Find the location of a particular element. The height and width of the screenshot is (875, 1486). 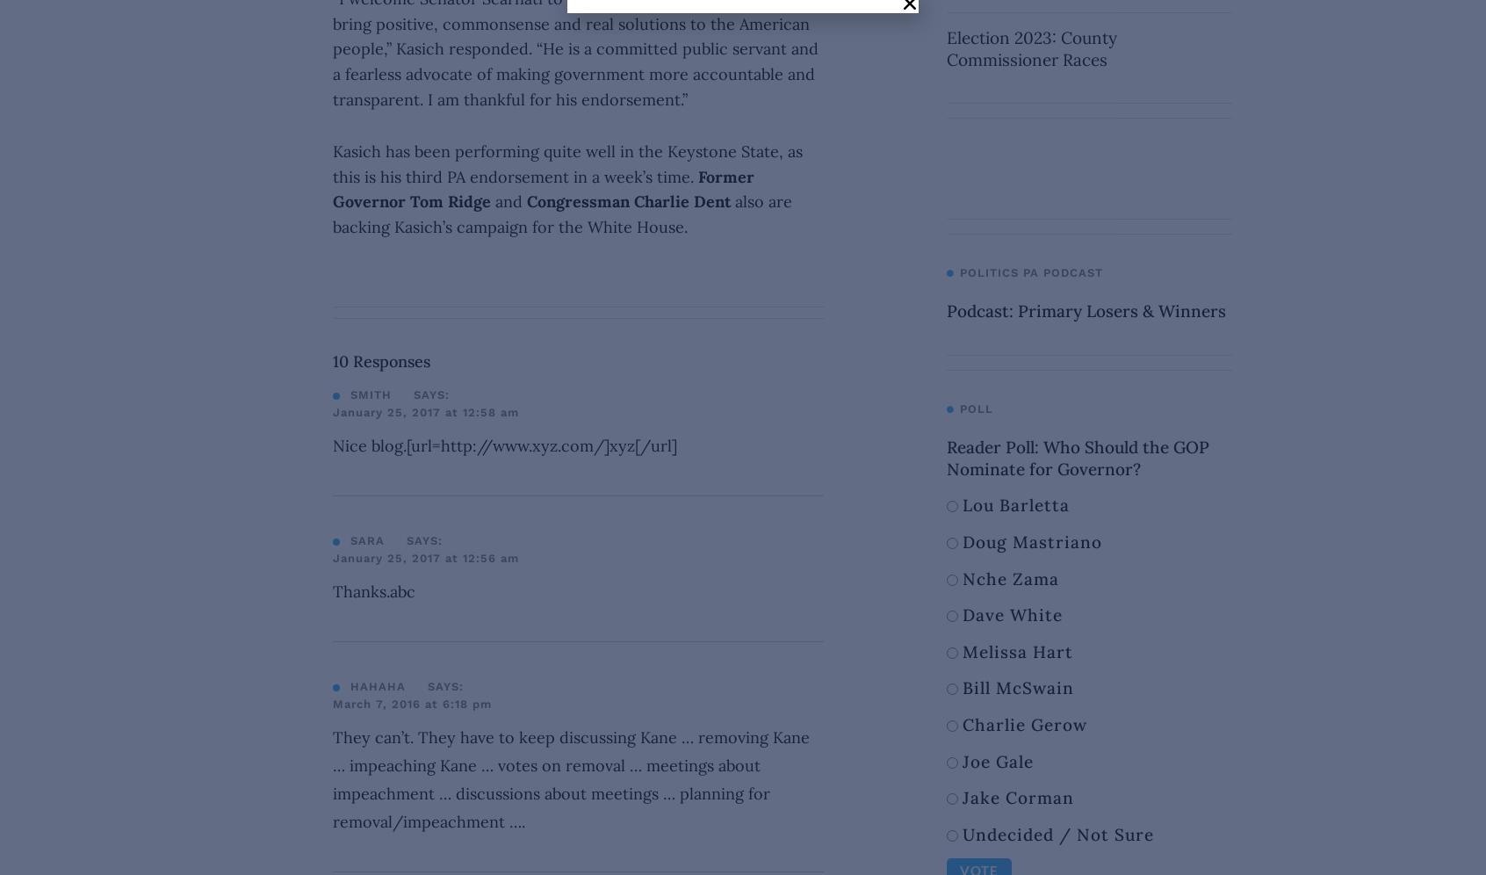

'Former Governor Tom Ridge' is located at coordinates (542, 188).